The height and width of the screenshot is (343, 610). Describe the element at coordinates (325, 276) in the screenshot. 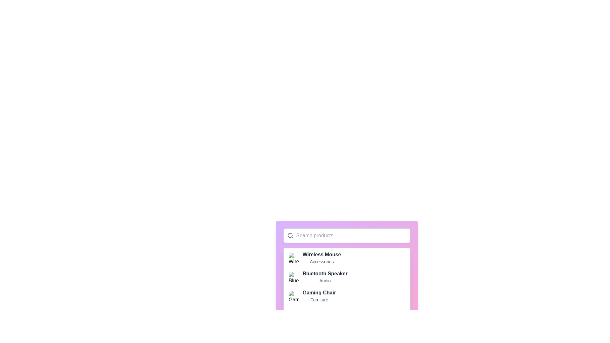

I see `the descriptive Text label for the item in the product selection interface, which is located in the second slot of the list` at that location.